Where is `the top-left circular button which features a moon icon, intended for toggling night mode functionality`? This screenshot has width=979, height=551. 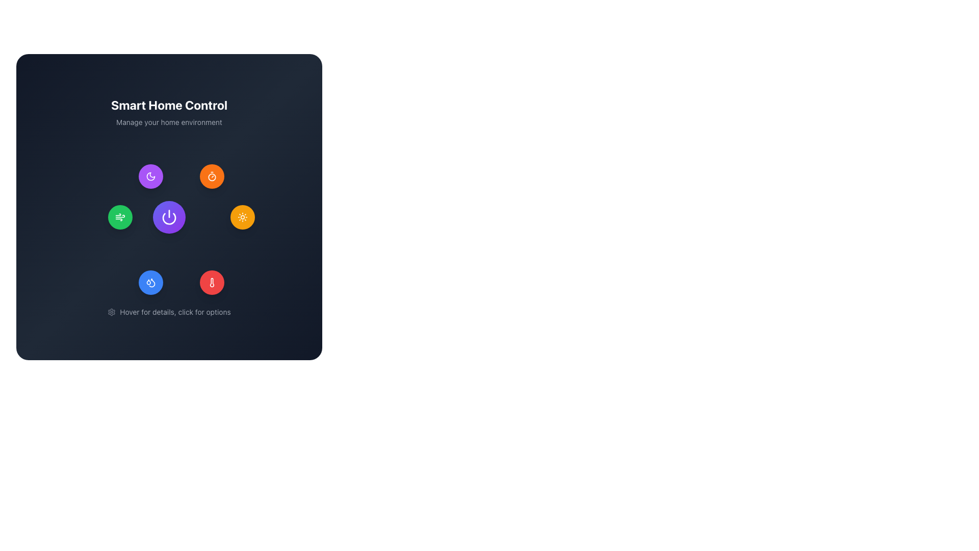
the top-left circular button which features a moon icon, intended for toggling night mode functionality is located at coordinates (150, 176).